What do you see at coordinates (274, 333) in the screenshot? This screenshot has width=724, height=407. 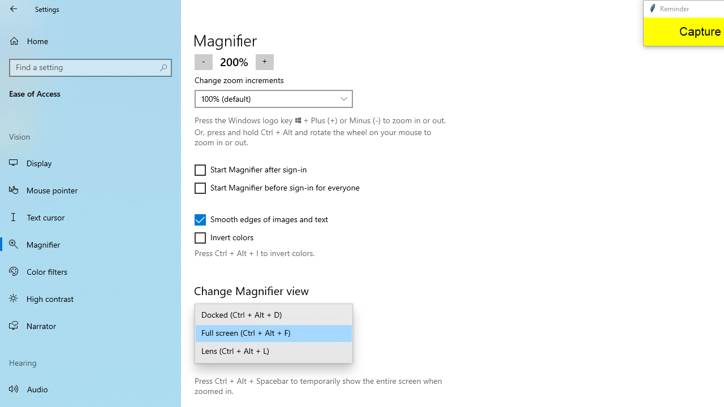 I see `'Choose a view'` at bounding box center [274, 333].